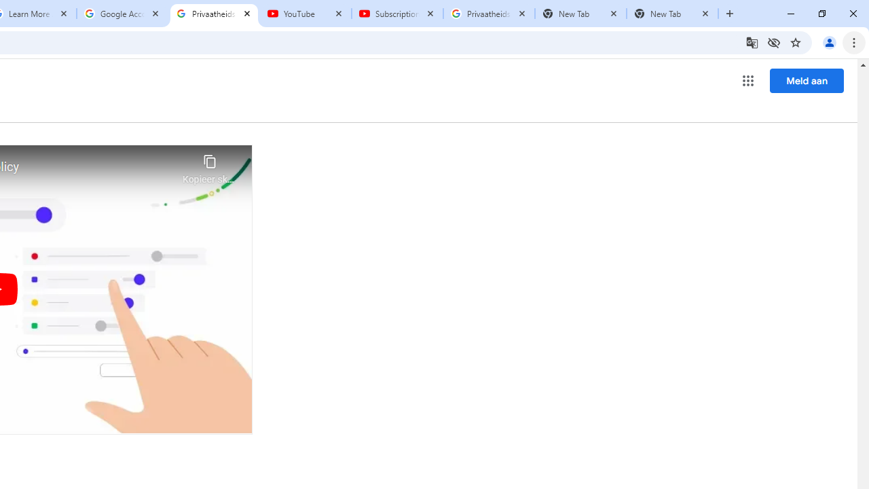 The width and height of the screenshot is (869, 489). Describe the element at coordinates (396, 14) in the screenshot. I see `'Subscriptions - YouTube'` at that location.